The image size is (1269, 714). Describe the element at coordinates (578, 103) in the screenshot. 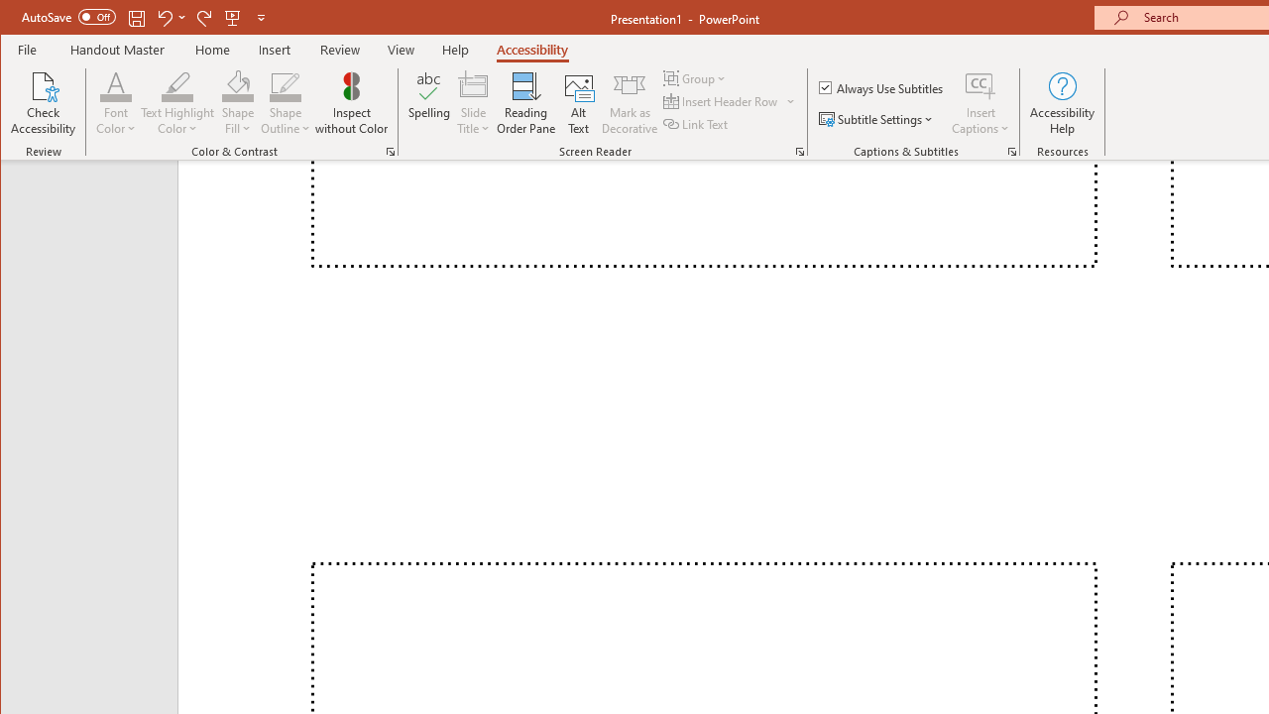

I see `'Alt Text'` at that location.